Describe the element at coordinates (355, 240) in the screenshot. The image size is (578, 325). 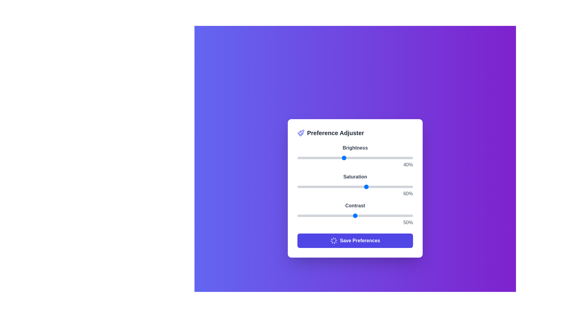
I see `'Save Preferences' button` at that location.